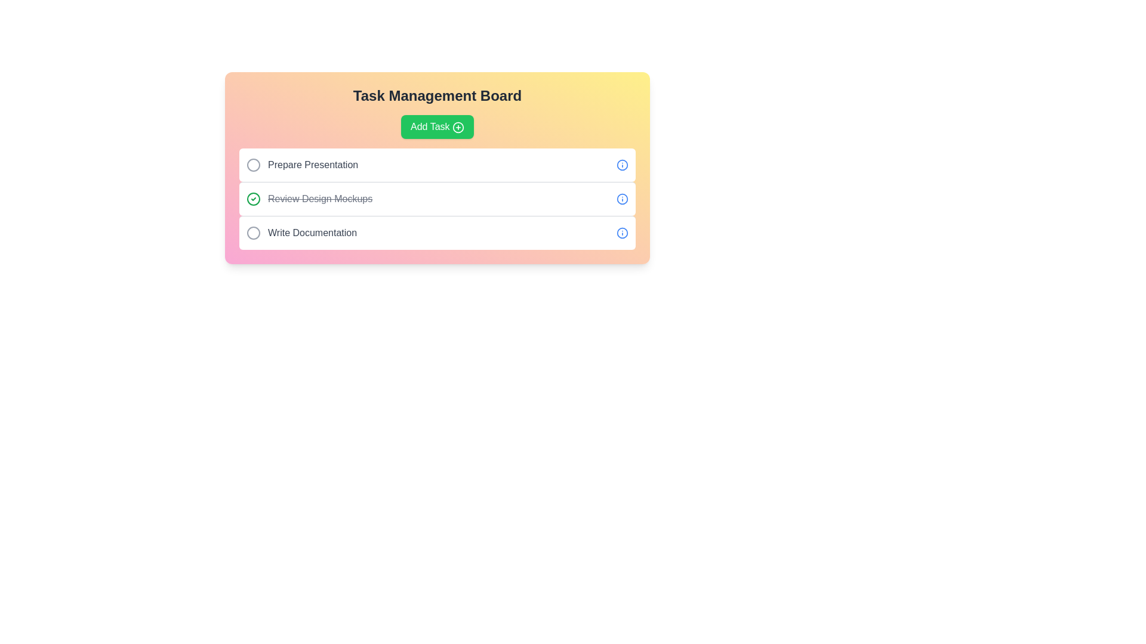 The width and height of the screenshot is (1146, 644). I want to click on the name of the task Write Documentation, so click(253, 233).